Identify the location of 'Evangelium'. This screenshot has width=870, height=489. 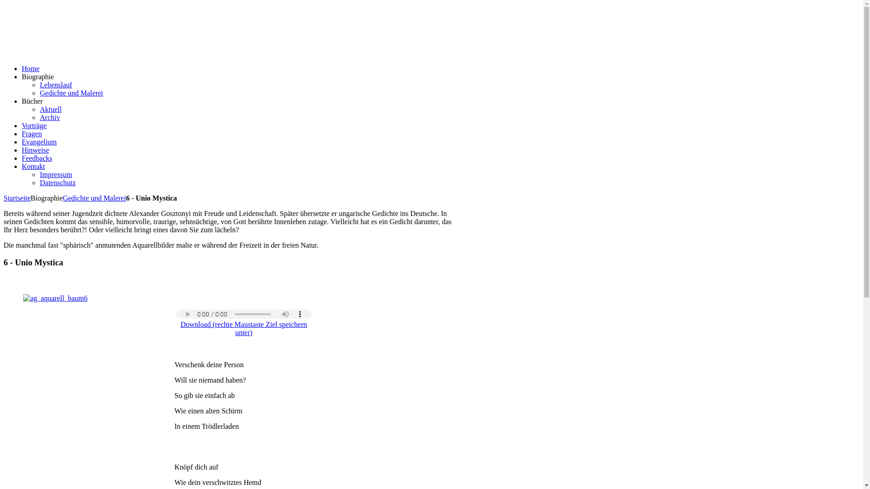
(39, 142).